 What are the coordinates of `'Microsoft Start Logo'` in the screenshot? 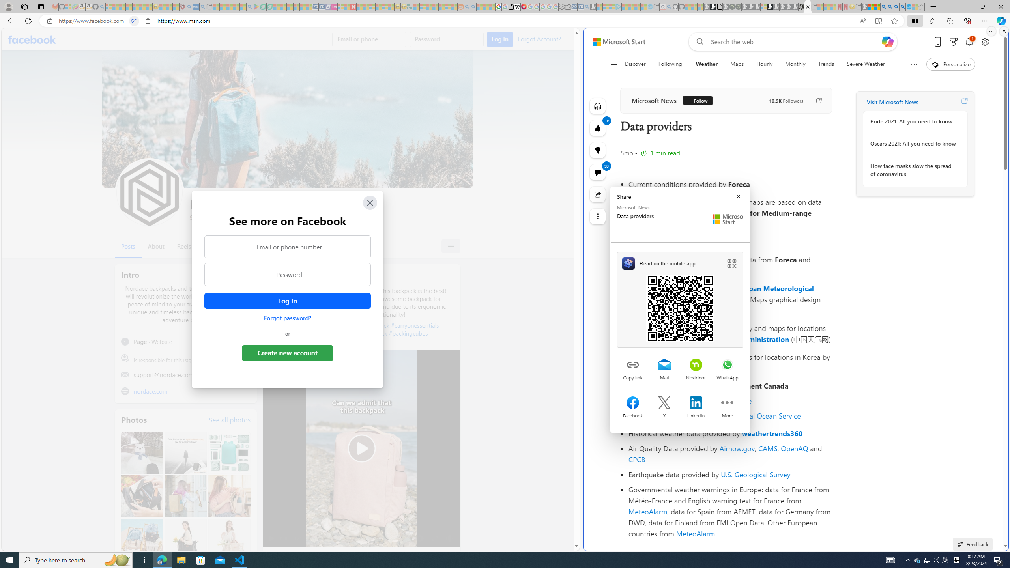 It's located at (728, 219).